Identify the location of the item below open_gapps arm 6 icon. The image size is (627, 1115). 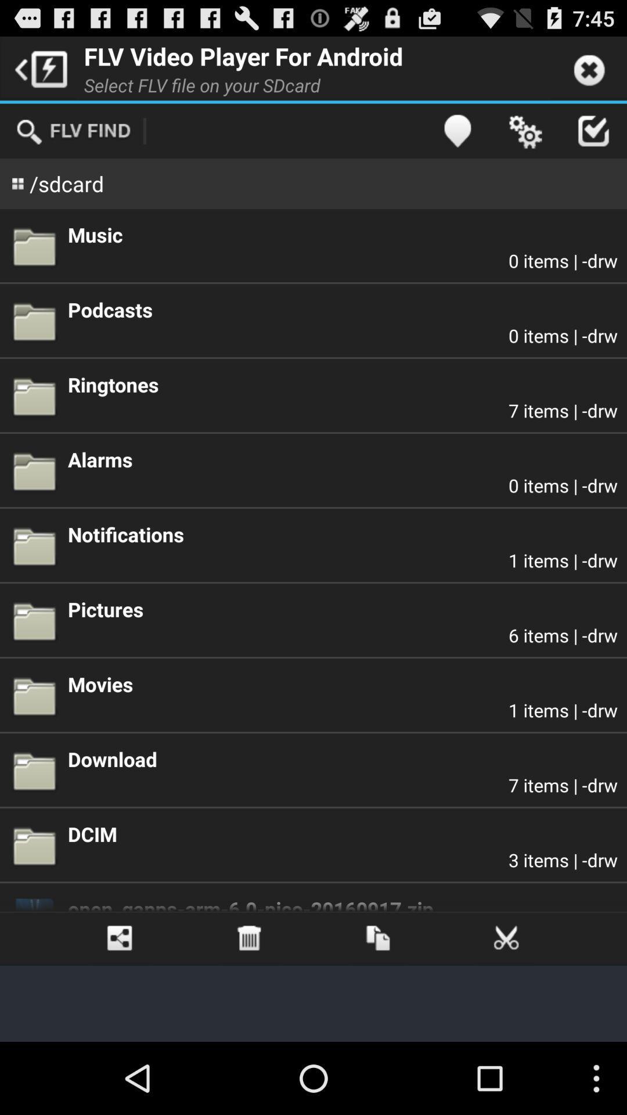
(120, 938).